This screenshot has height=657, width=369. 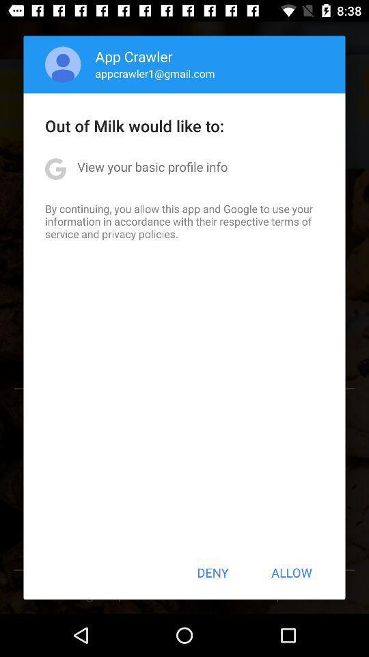 I want to click on item to the left of app crawler, so click(x=62, y=64).